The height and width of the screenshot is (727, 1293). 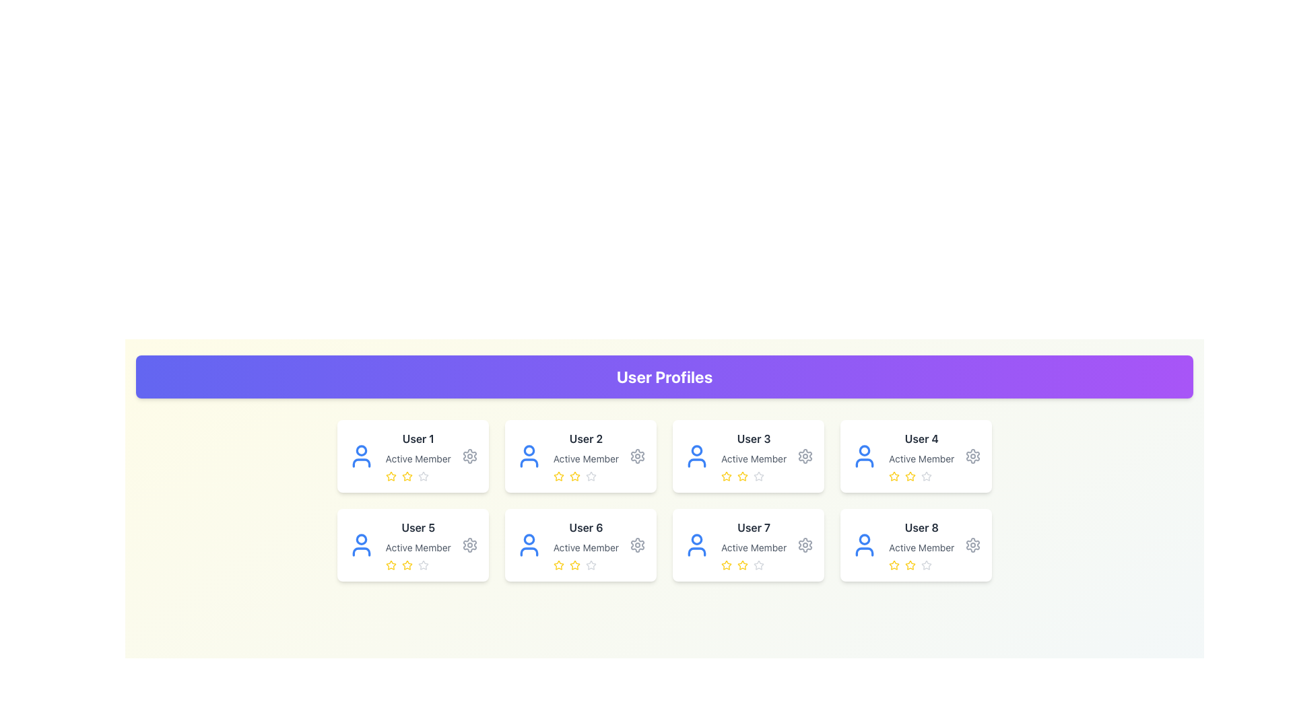 What do you see at coordinates (697, 545) in the screenshot?
I see `the user profile icon for 'User 7' located on the left side of the profile card in the bottom row, third from the left in the grid layout` at bounding box center [697, 545].